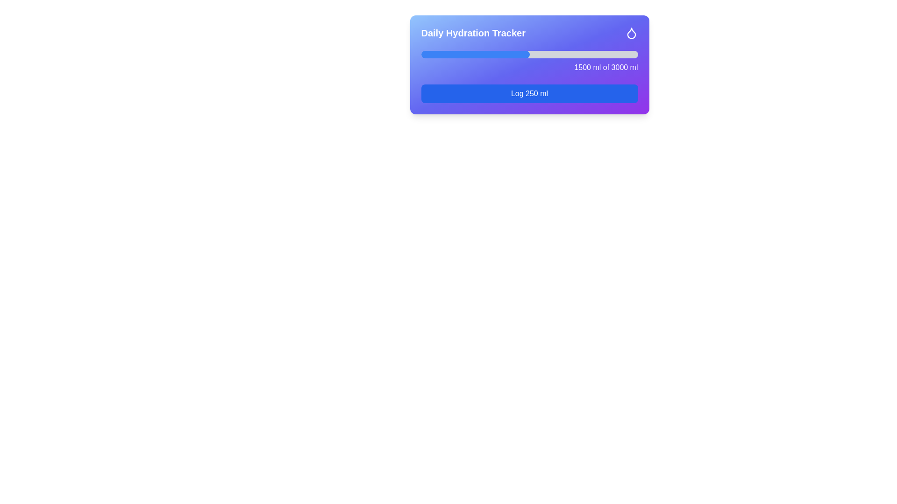  I want to click on the progress bar that visually displays the proportion of water intake achieved relative to a daily goal, located midway up within the hydration tracker card, below the title 'Daily Hydration Tracker' and above the text '1500 ml of 3000 ml', so click(529, 54).